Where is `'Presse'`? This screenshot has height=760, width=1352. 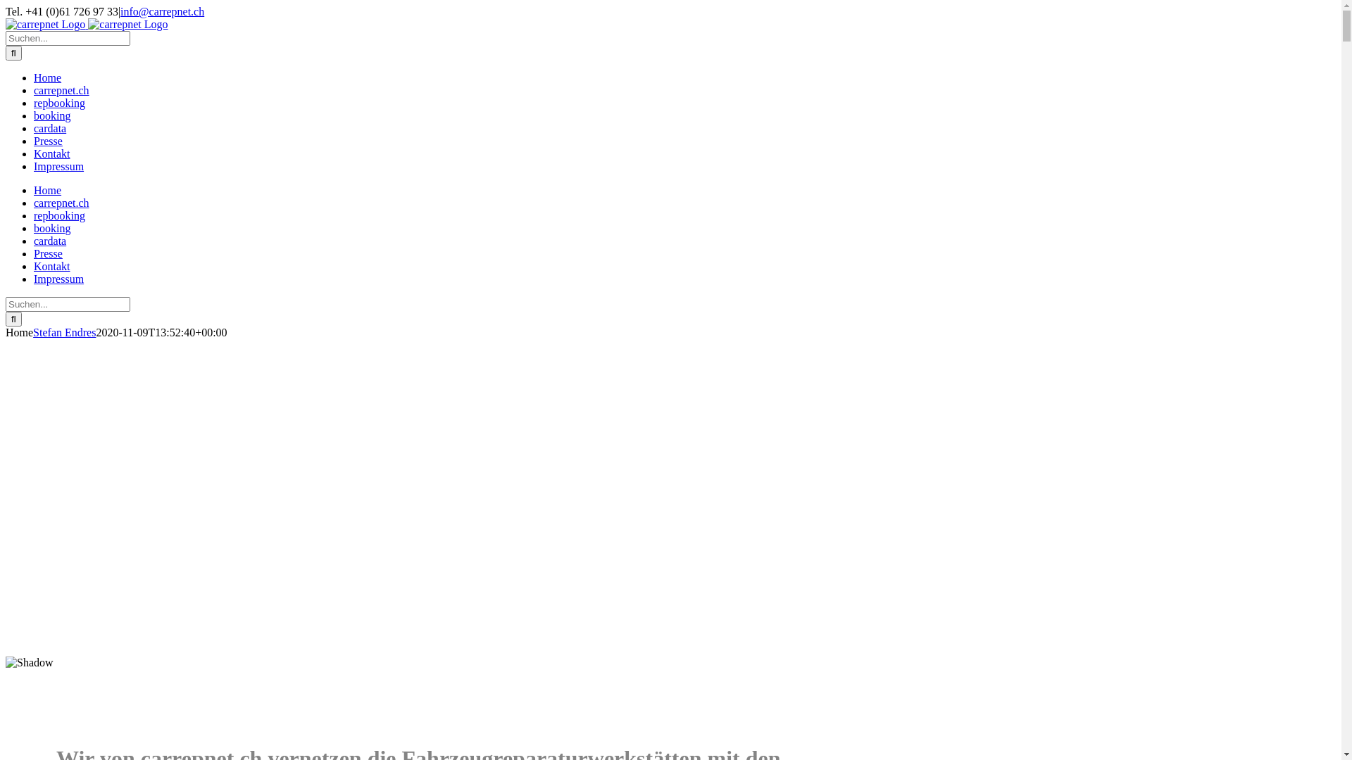 'Presse' is located at coordinates (48, 253).